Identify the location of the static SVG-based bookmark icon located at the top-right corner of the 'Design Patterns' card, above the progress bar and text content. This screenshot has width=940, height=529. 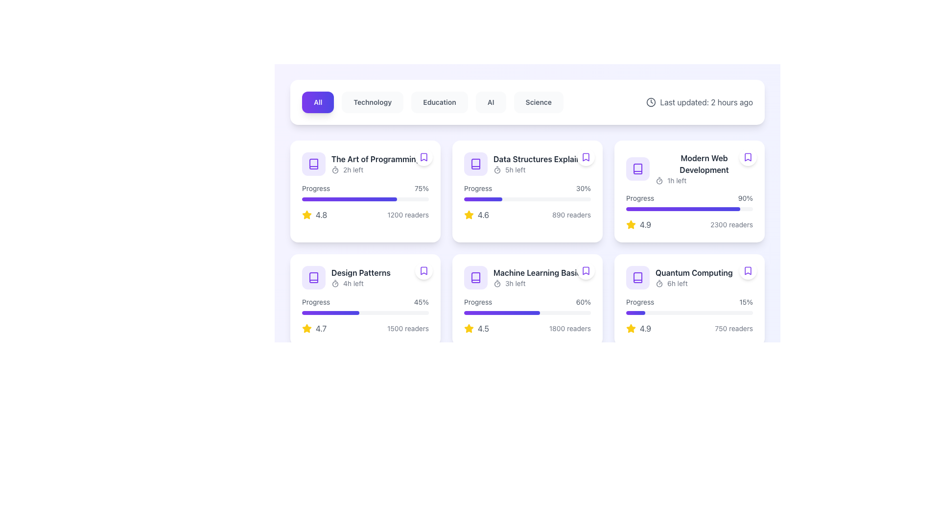
(423, 270).